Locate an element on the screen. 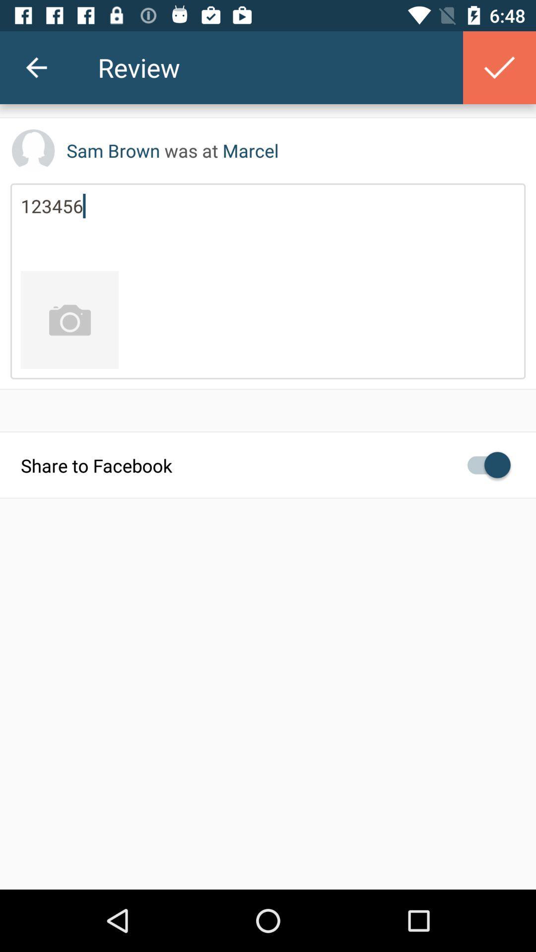 This screenshot has height=952, width=536. 123456 item is located at coordinates (268, 227).